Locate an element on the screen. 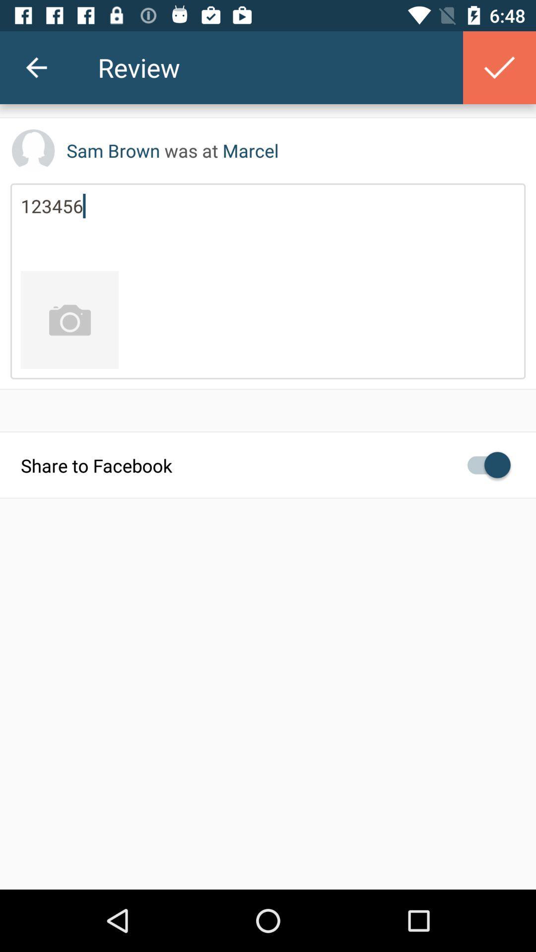 This screenshot has height=952, width=536. 123456 item is located at coordinates (268, 227).